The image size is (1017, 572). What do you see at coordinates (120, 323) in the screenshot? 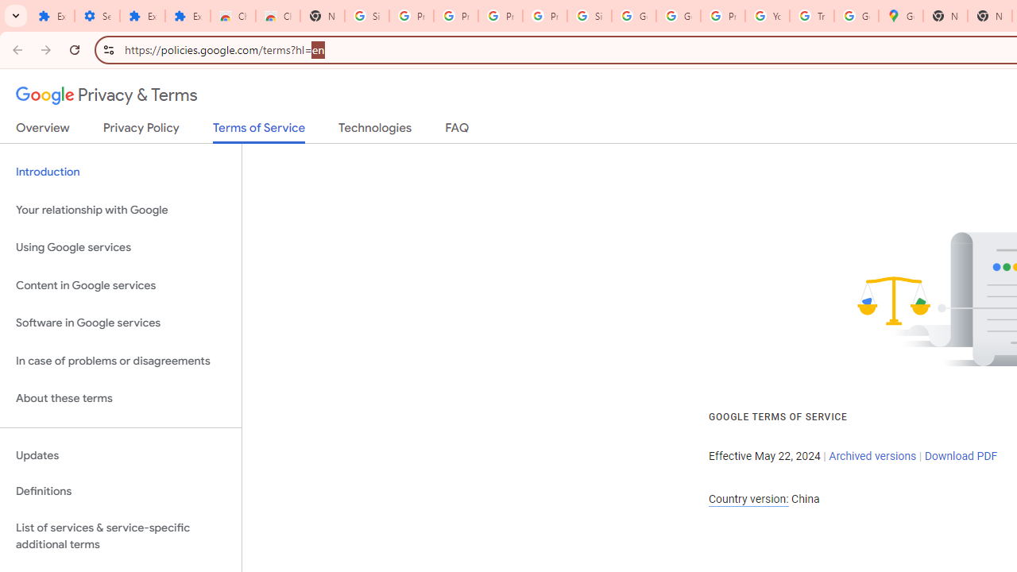
I see `'Software in Google services'` at bounding box center [120, 323].